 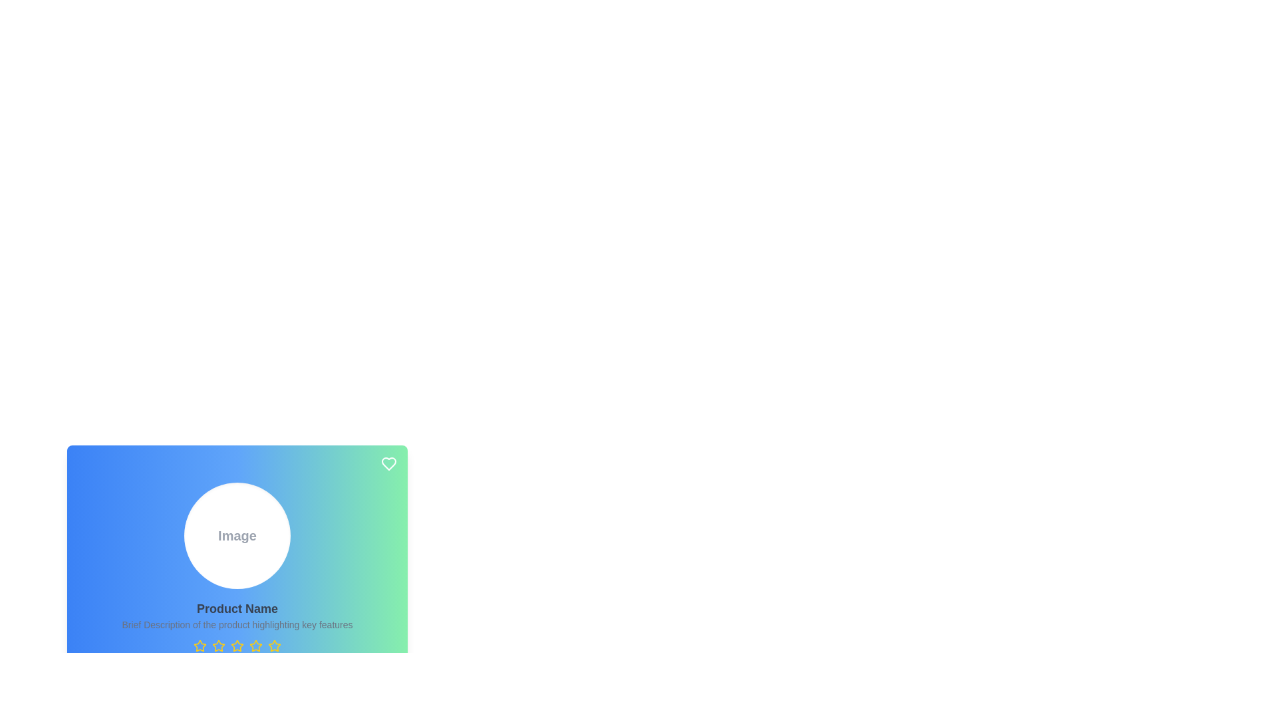 What do you see at coordinates (200, 645) in the screenshot?
I see `the first active rating star, which is a filled yellow five-pointed star located in a row of stars at the bottom center of the product card` at bounding box center [200, 645].